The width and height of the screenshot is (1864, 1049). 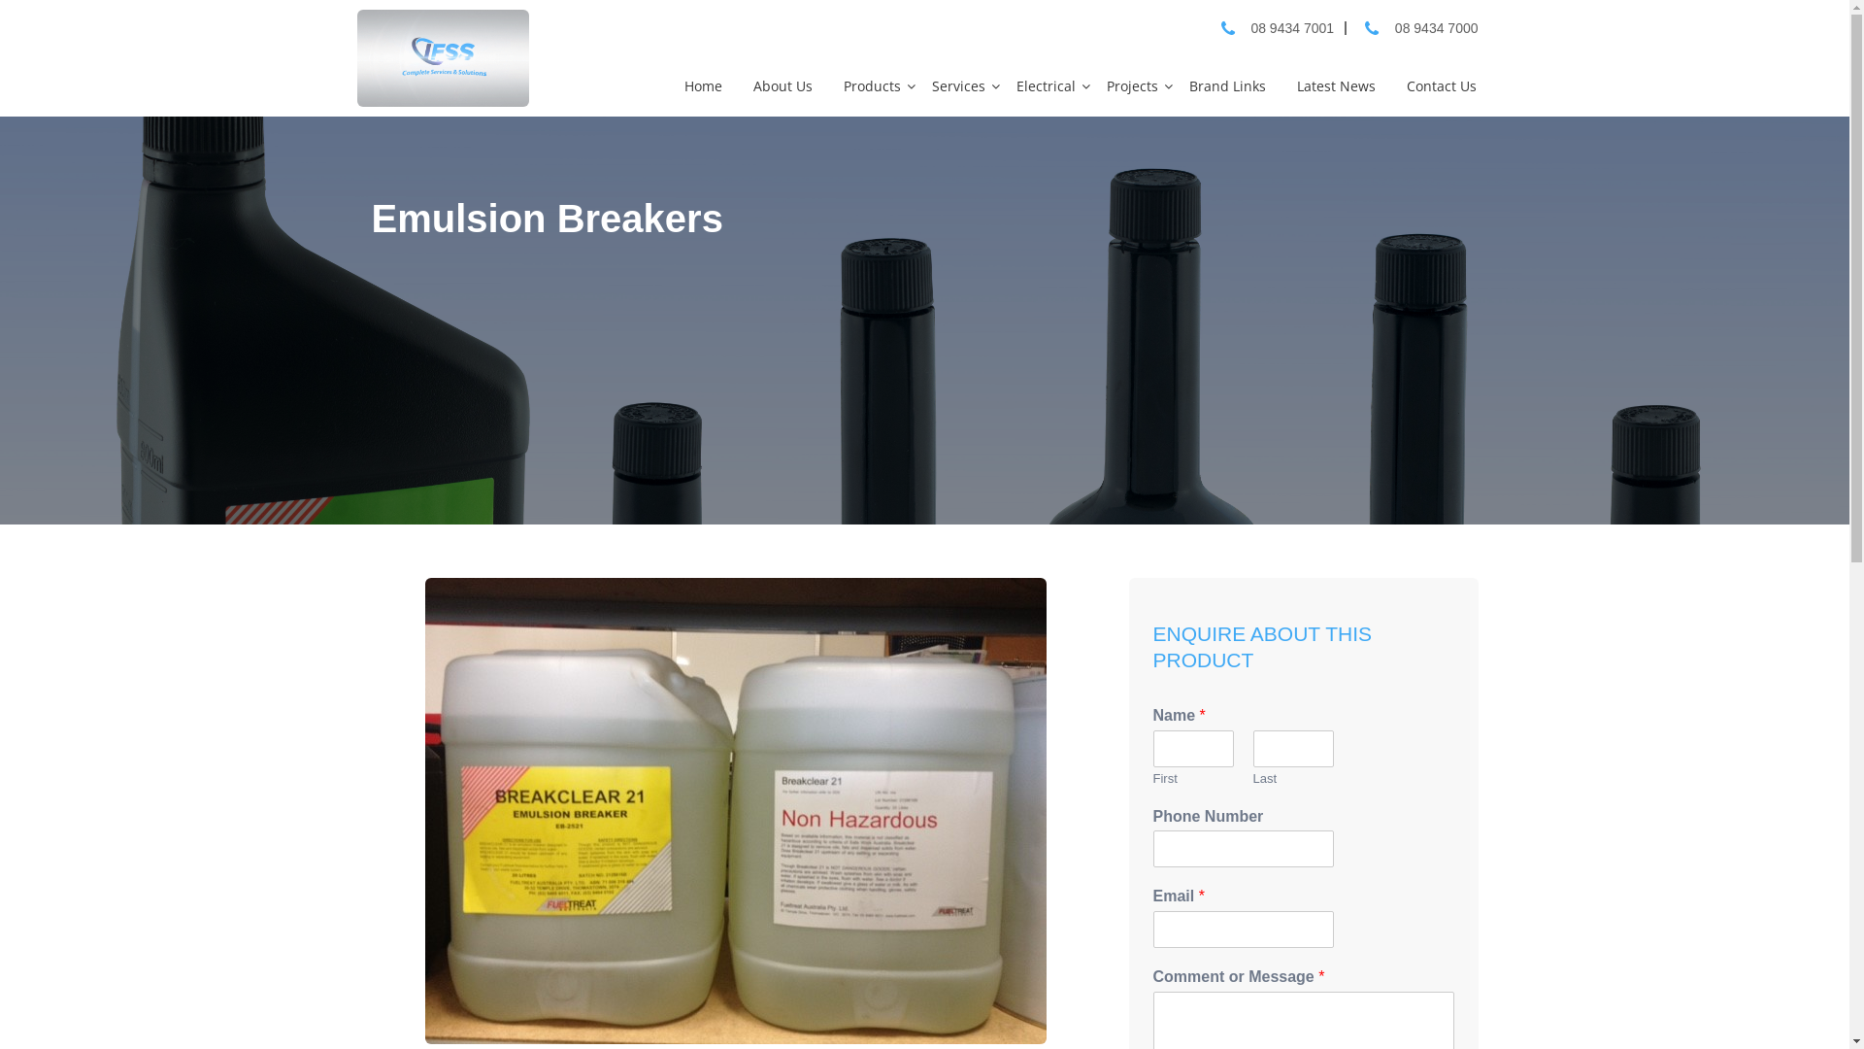 What do you see at coordinates (958, 85) in the screenshot?
I see `'Services'` at bounding box center [958, 85].